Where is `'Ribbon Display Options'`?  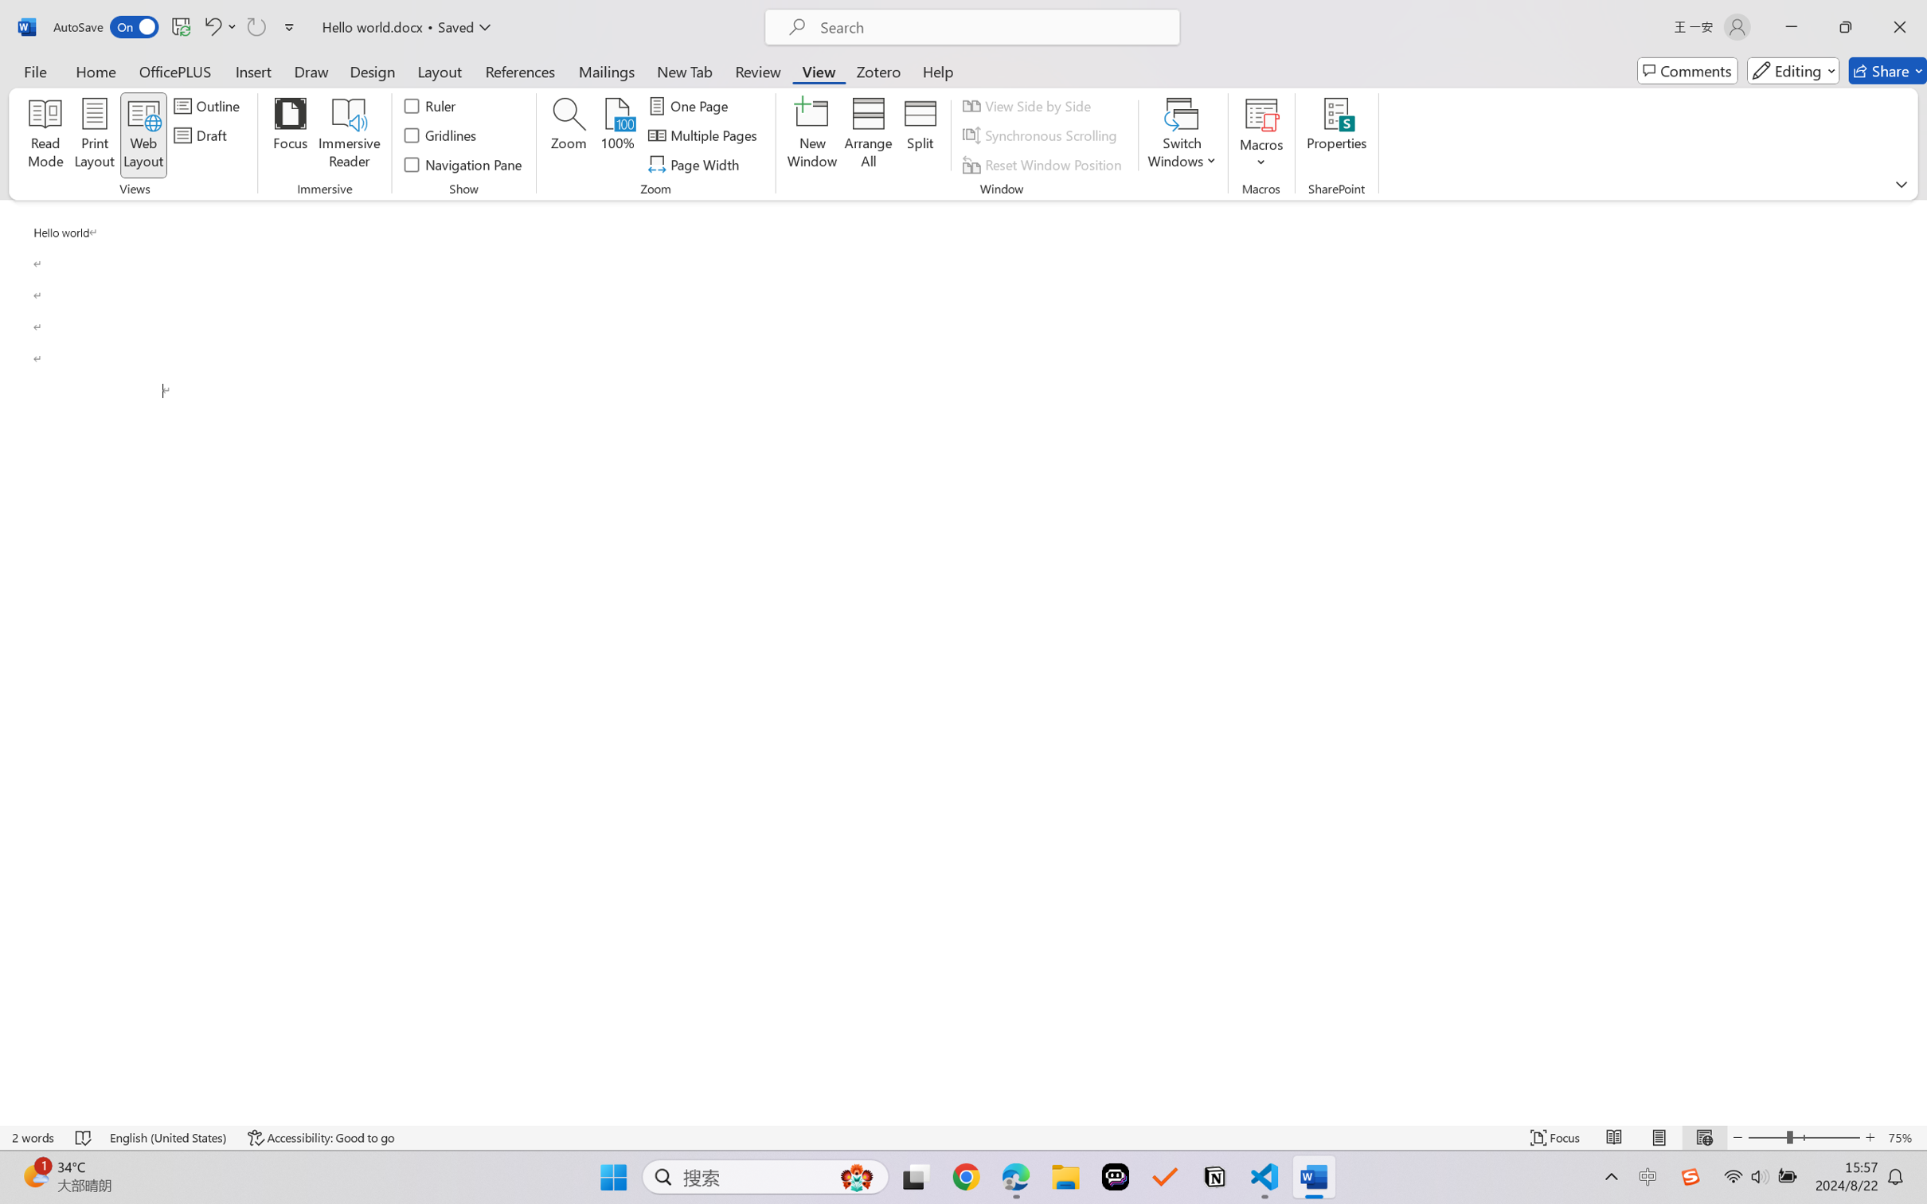
'Ribbon Display Options' is located at coordinates (1901, 184).